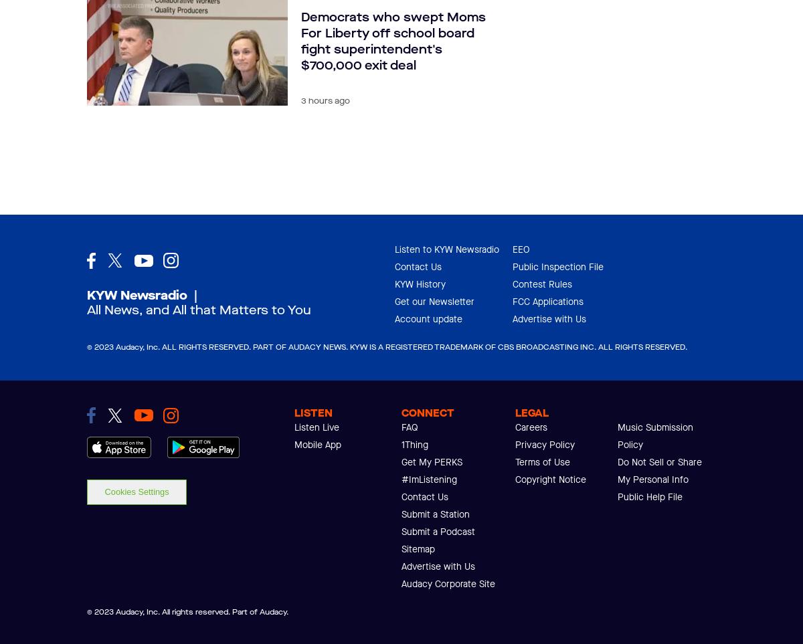 This screenshot has height=644, width=803. What do you see at coordinates (428, 318) in the screenshot?
I see `'Account update'` at bounding box center [428, 318].